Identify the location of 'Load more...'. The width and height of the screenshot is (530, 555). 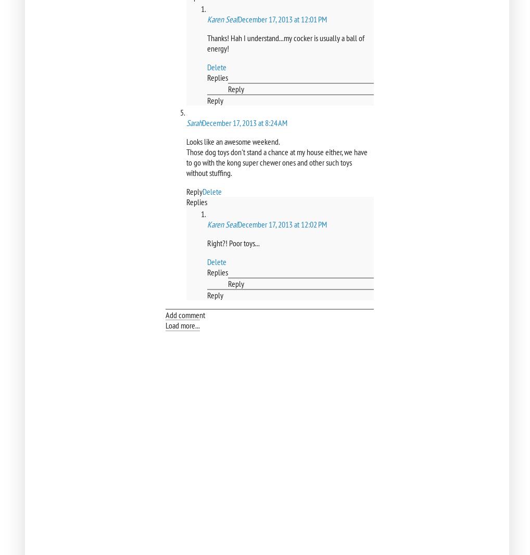
(182, 324).